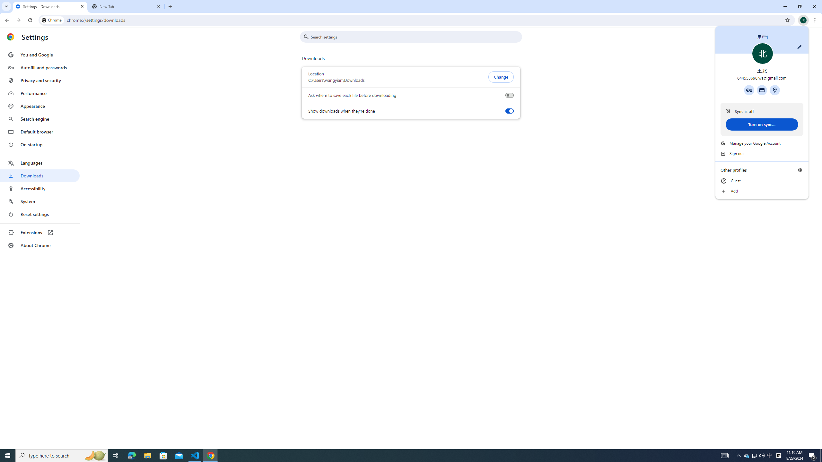 This screenshot has width=822, height=462. What do you see at coordinates (799, 47) in the screenshot?
I see `'Customize profile'` at bounding box center [799, 47].